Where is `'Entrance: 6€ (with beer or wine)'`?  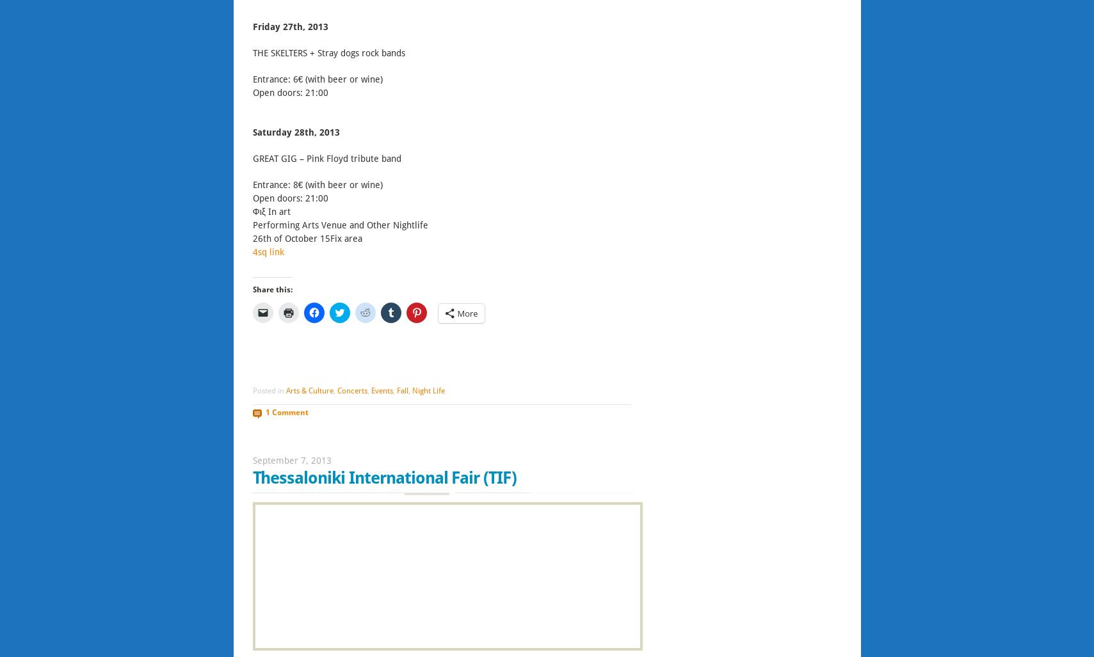 'Entrance: 6€ (with beer or wine)' is located at coordinates (316, 79).